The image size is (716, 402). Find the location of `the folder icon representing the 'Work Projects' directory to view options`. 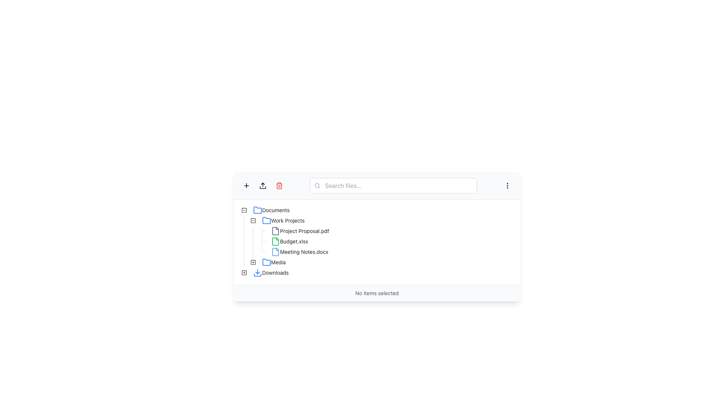

the folder icon representing the 'Work Projects' directory to view options is located at coordinates (267, 220).